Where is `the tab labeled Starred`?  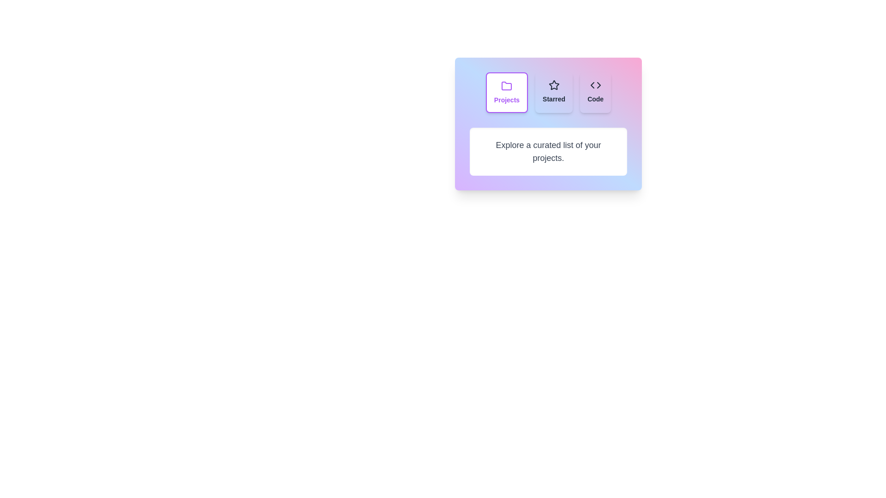
the tab labeled Starred is located at coordinates (554, 92).